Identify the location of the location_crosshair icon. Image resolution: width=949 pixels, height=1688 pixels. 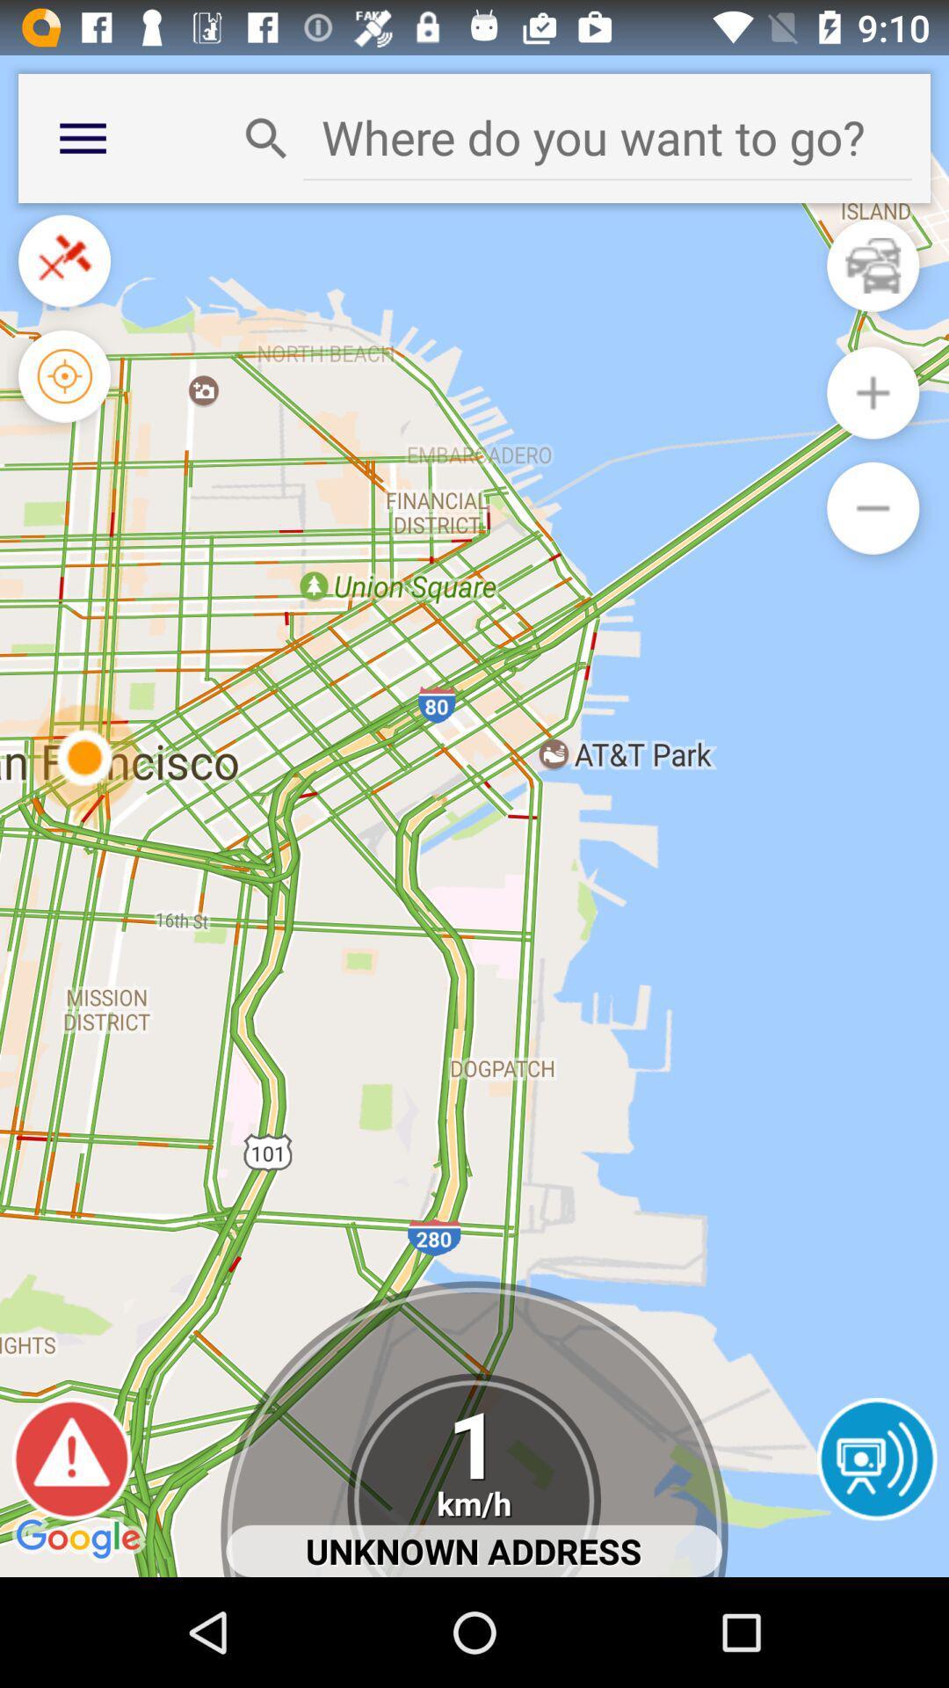
(63, 402).